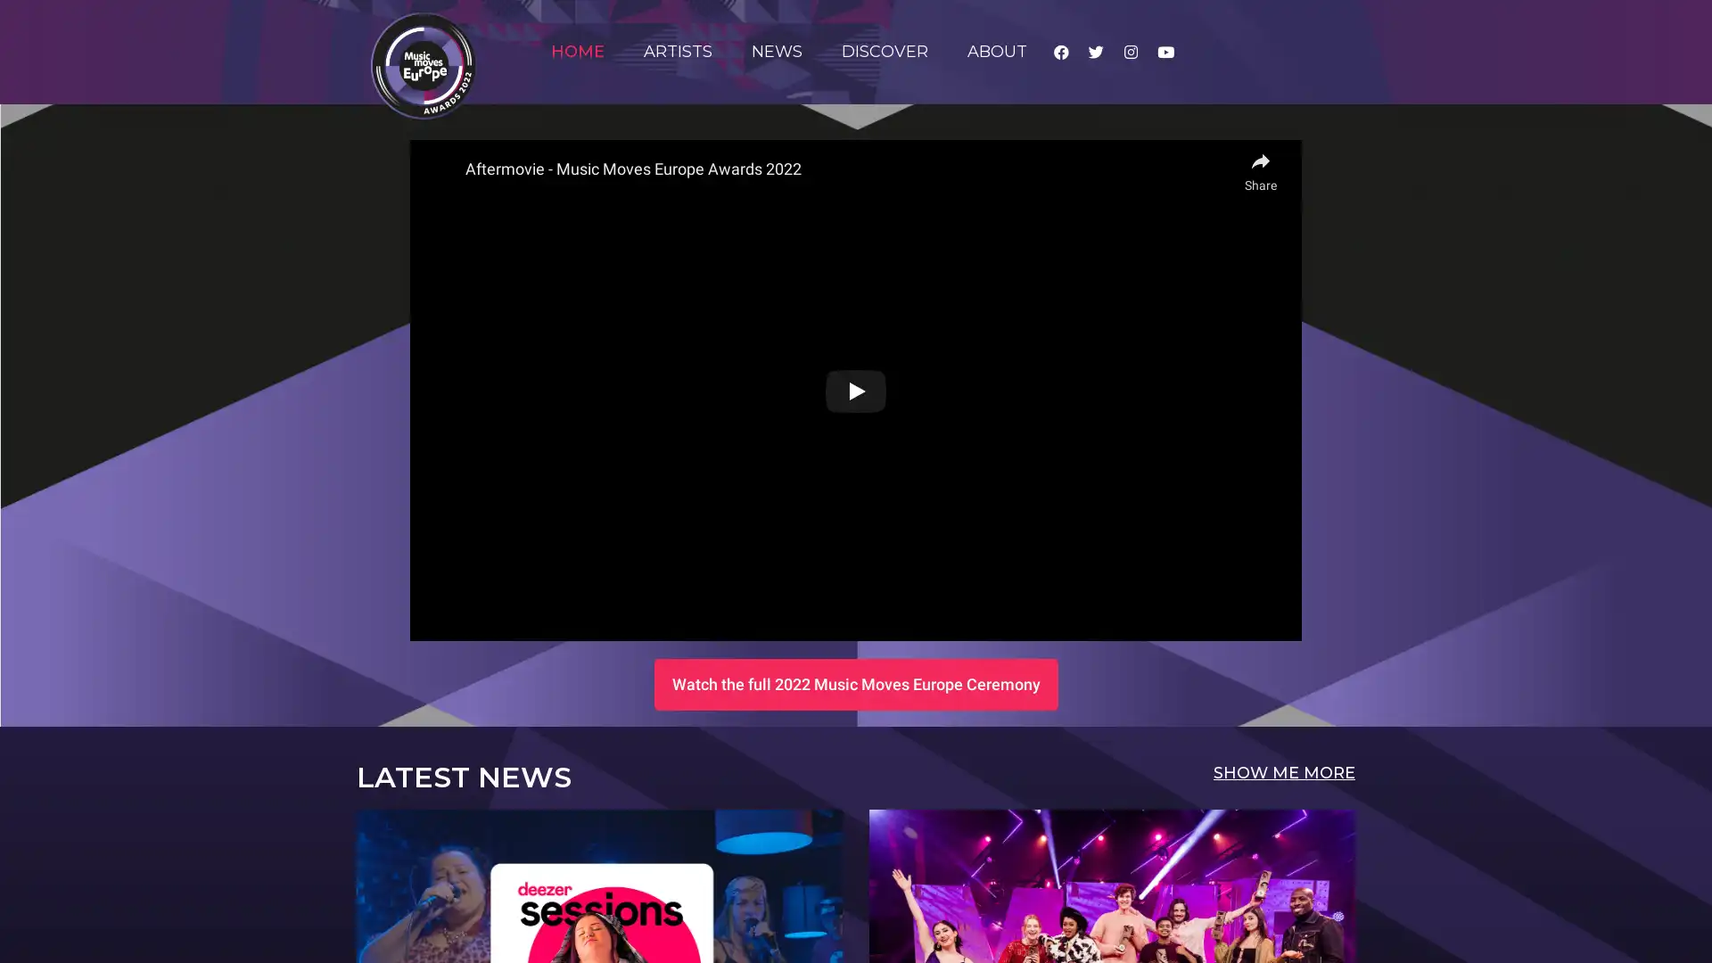 The image size is (1712, 963). I want to click on SHOW ME MORE, so click(1284, 772).